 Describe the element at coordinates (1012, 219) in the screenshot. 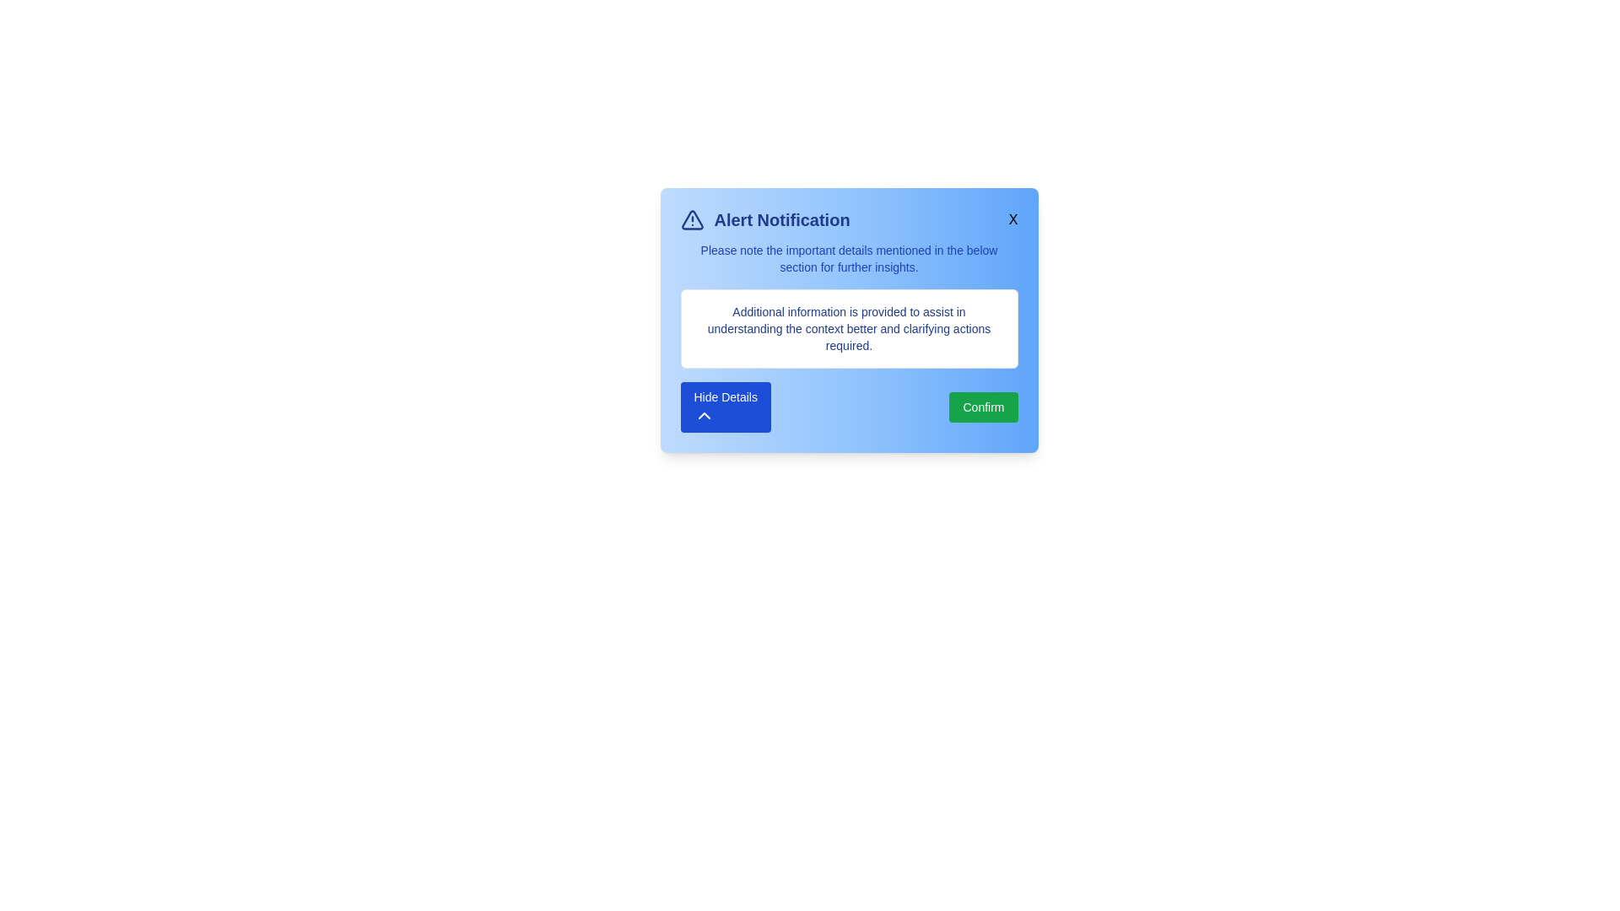

I see `'X' button in the top-right corner of the alert to dismiss it` at that location.